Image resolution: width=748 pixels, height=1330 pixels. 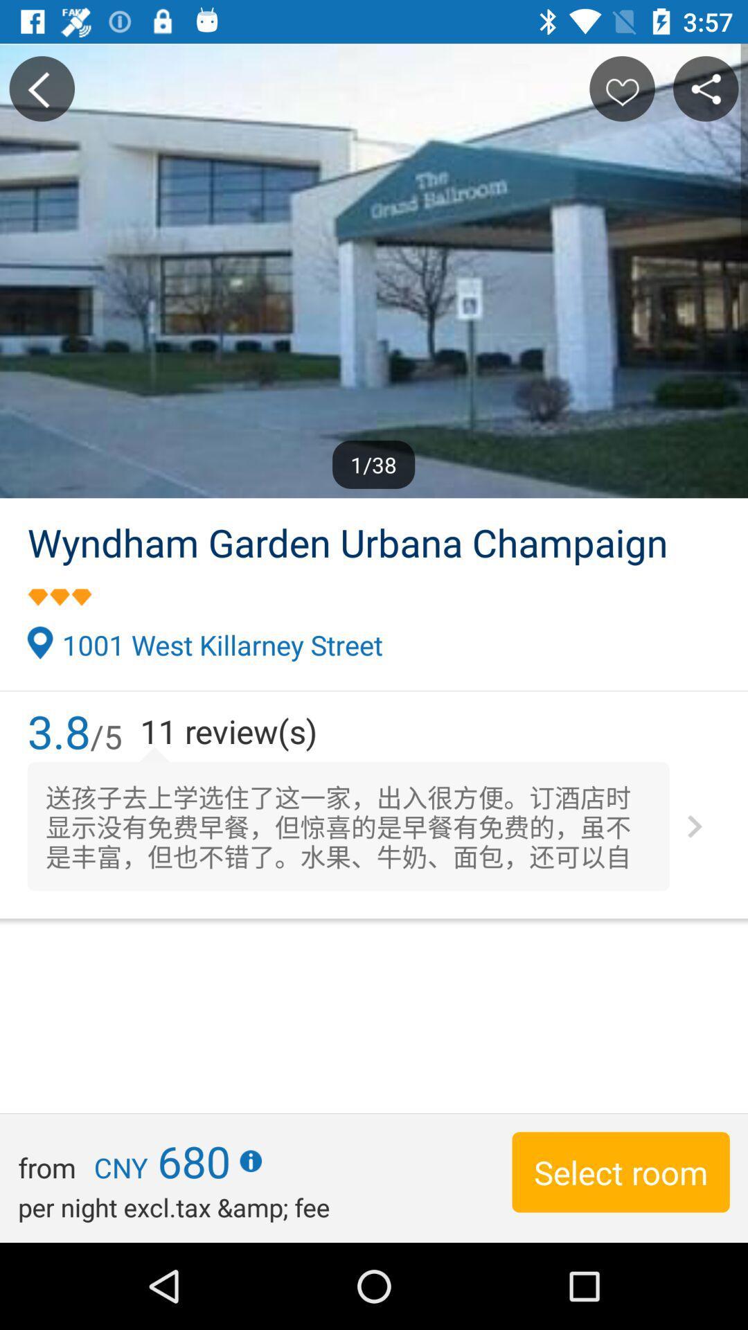 I want to click on the arrow_backward icon, so click(x=41, y=88).